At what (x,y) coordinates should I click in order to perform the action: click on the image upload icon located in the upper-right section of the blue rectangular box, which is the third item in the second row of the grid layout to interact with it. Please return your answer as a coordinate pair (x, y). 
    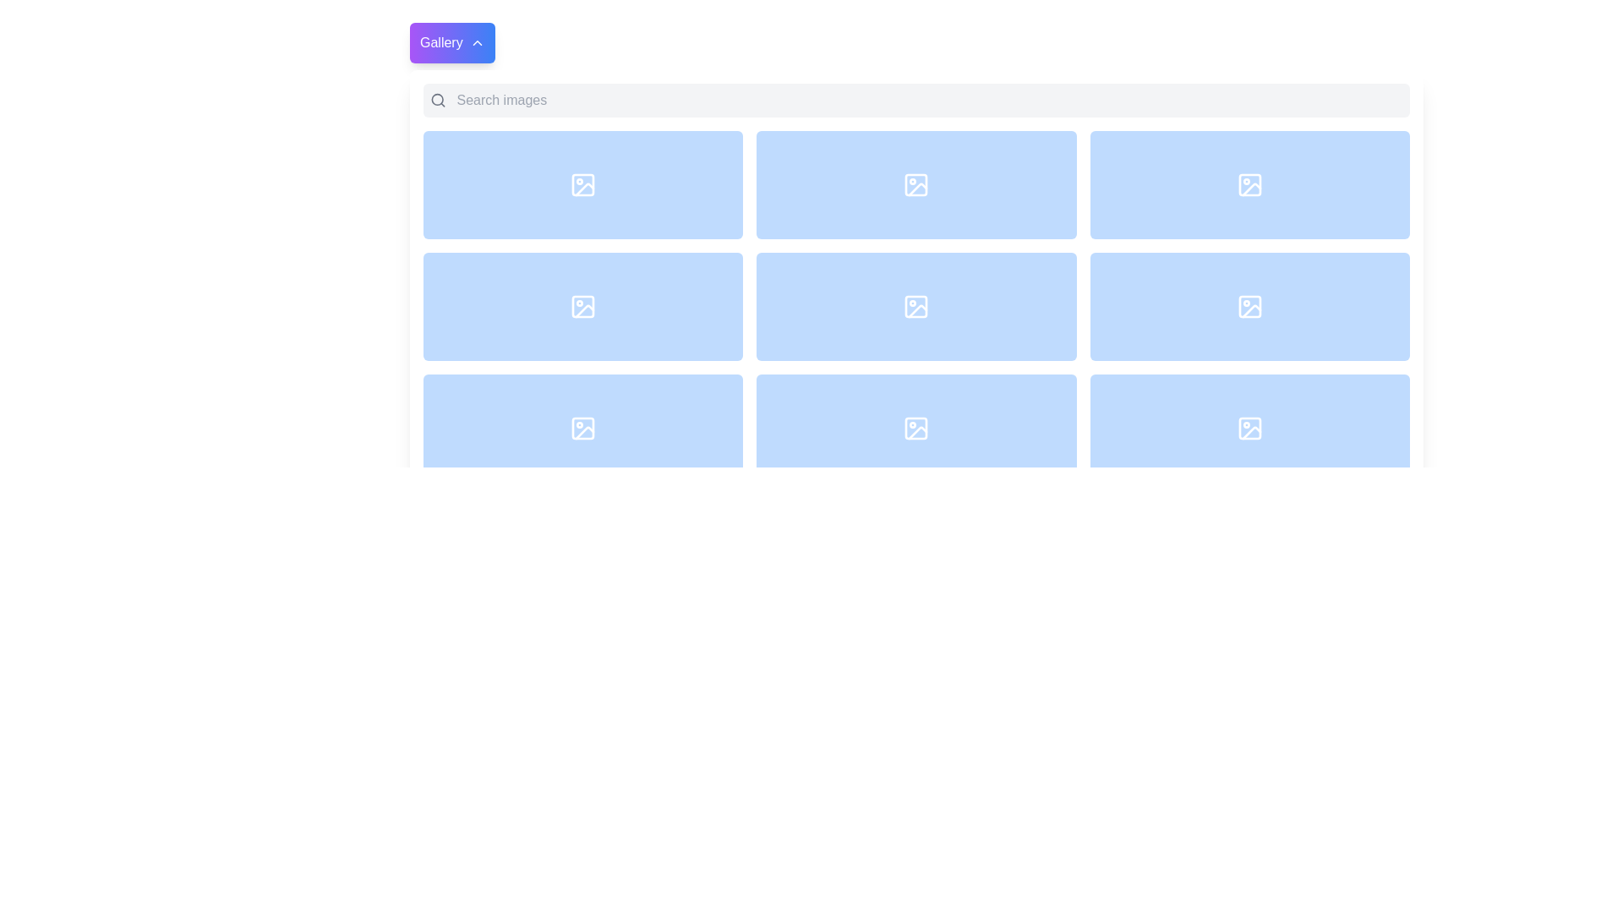
    Looking at the image, I should click on (915, 185).